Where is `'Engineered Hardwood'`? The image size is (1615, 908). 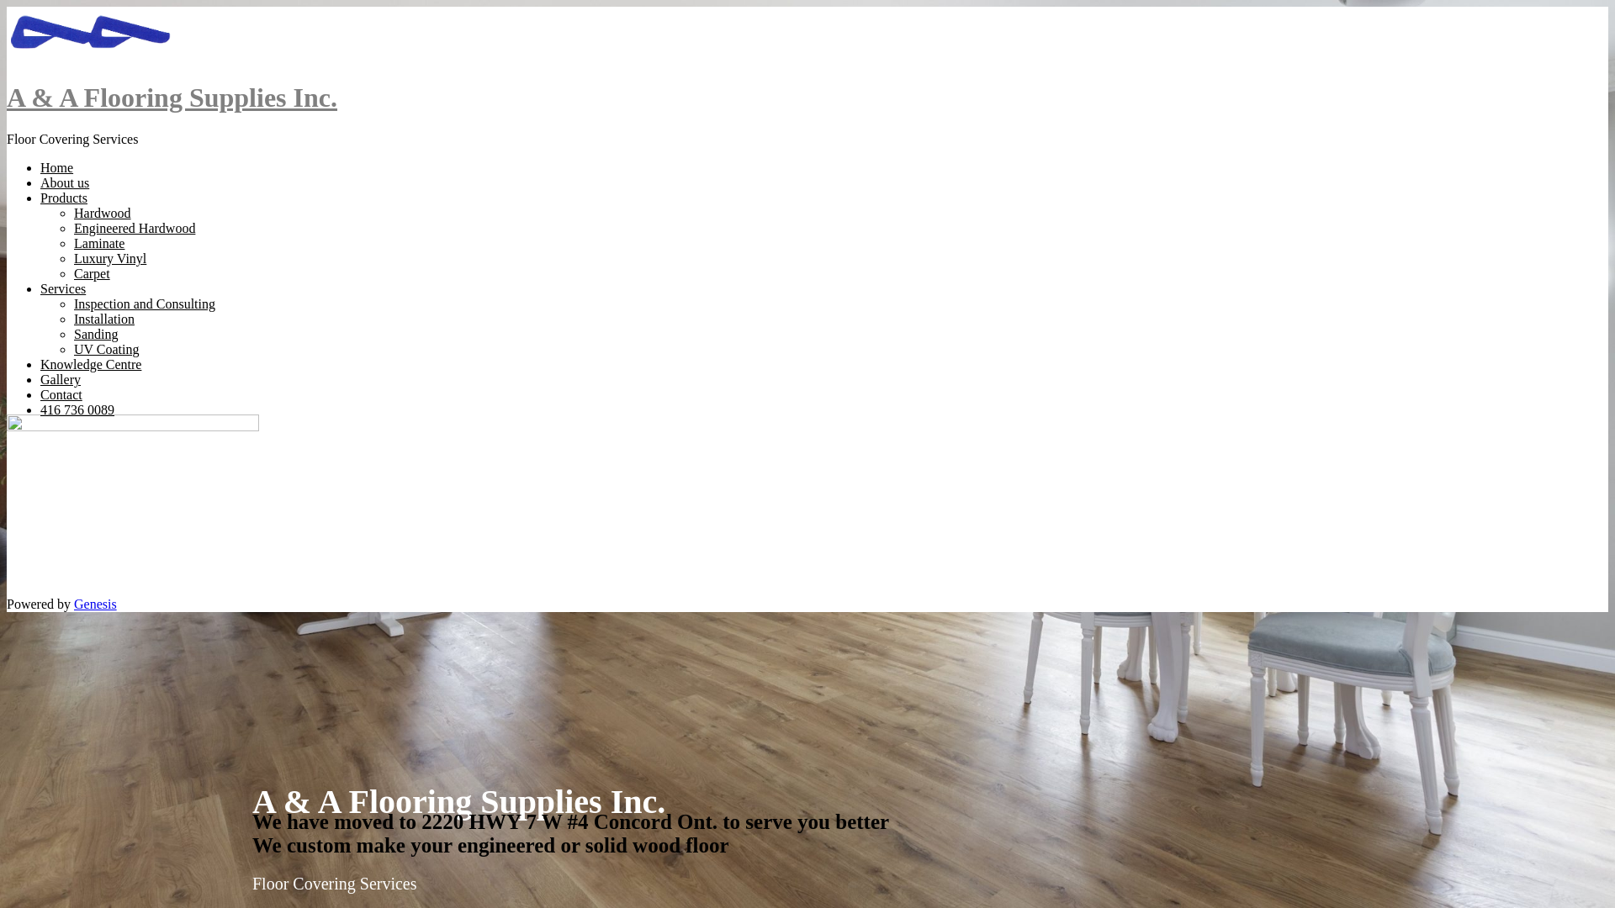
'Engineered Hardwood' is located at coordinates (72, 228).